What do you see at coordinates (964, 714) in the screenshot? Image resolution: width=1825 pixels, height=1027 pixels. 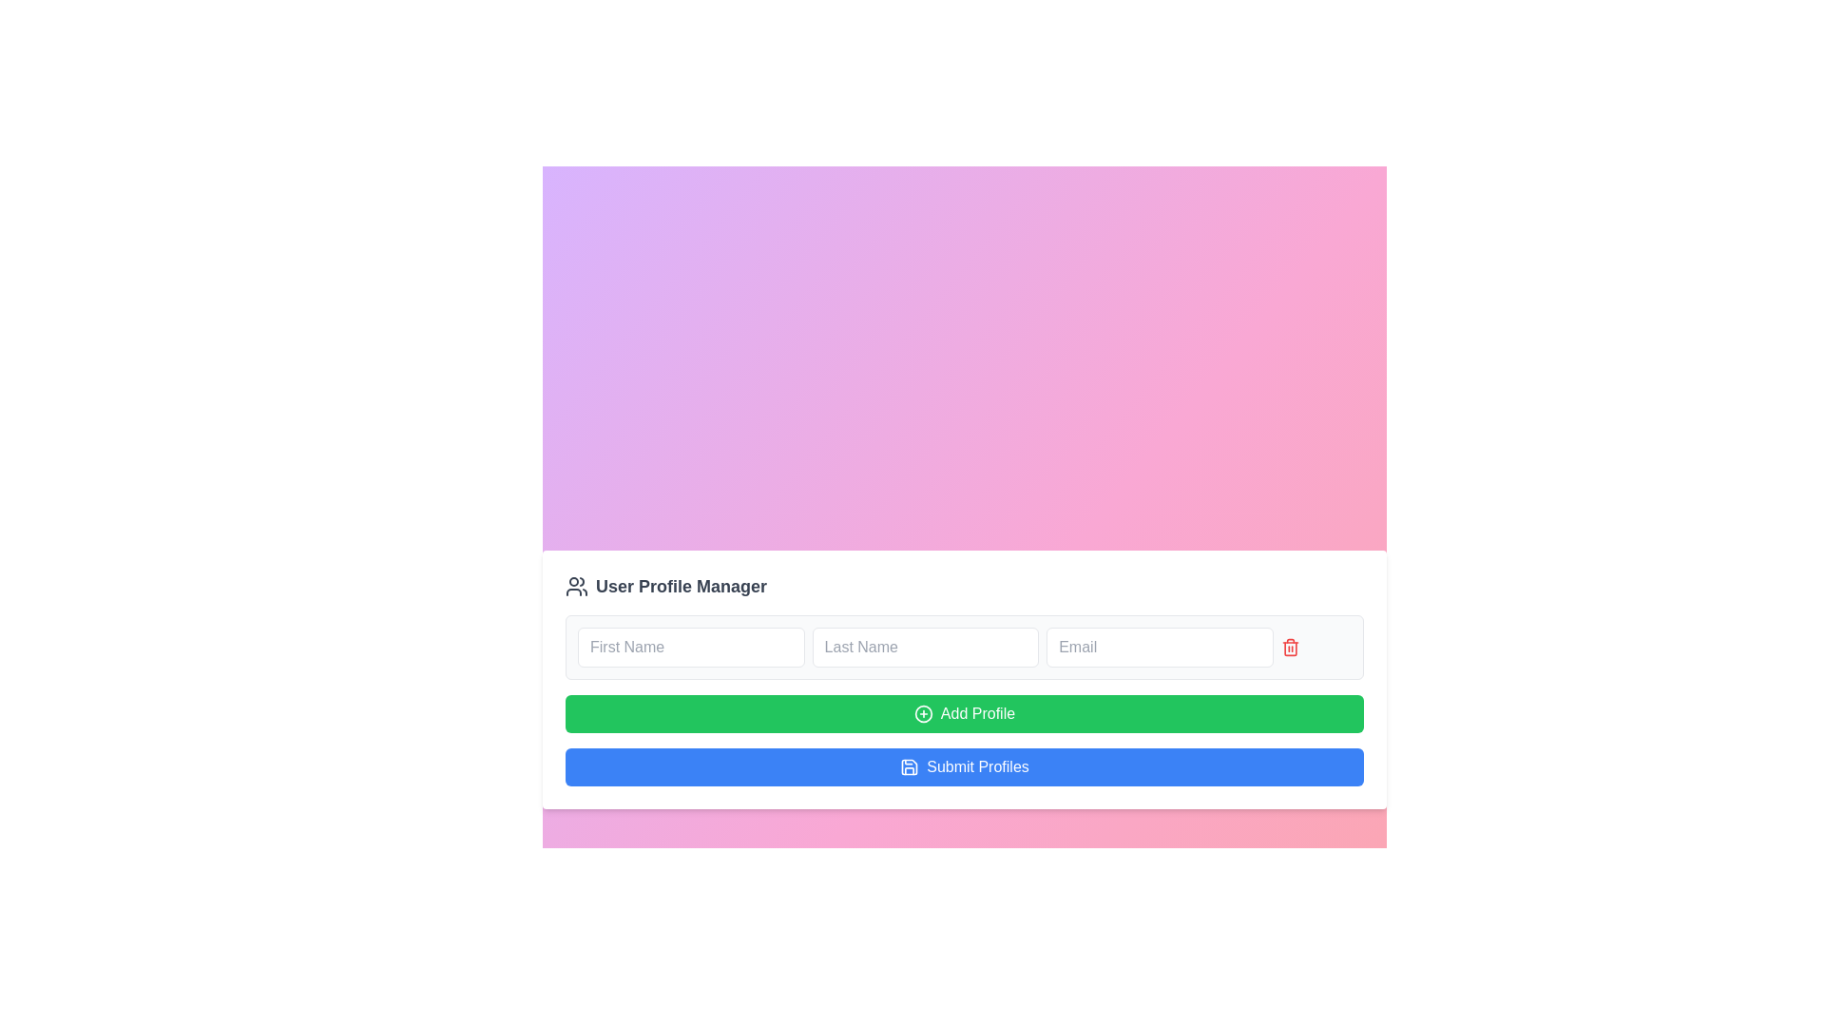 I see `the green rectangular button labeled 'Add Profile' with a plus-circle icon` at bounding box center [964, 714].